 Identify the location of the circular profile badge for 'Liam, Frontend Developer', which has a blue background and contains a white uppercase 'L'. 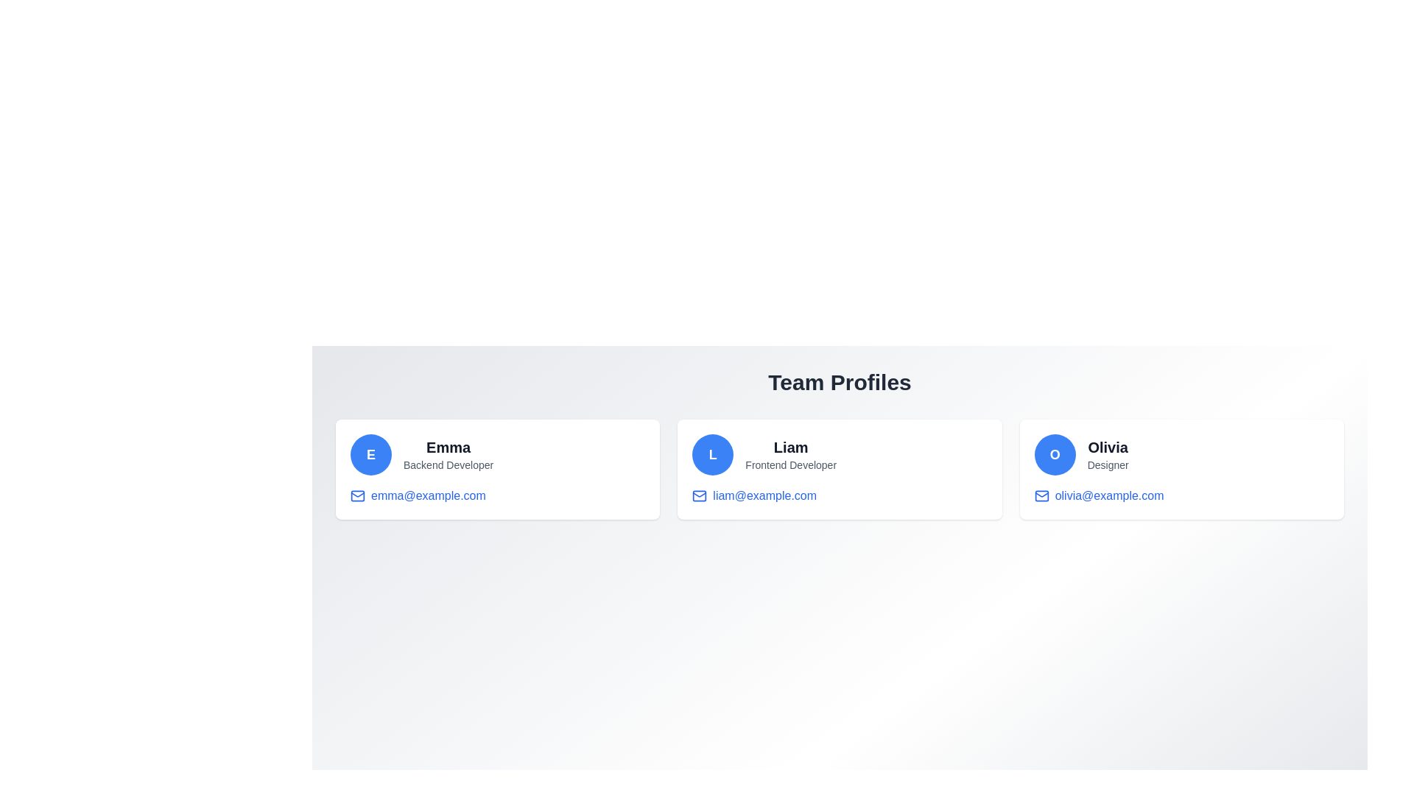
(713, 453).